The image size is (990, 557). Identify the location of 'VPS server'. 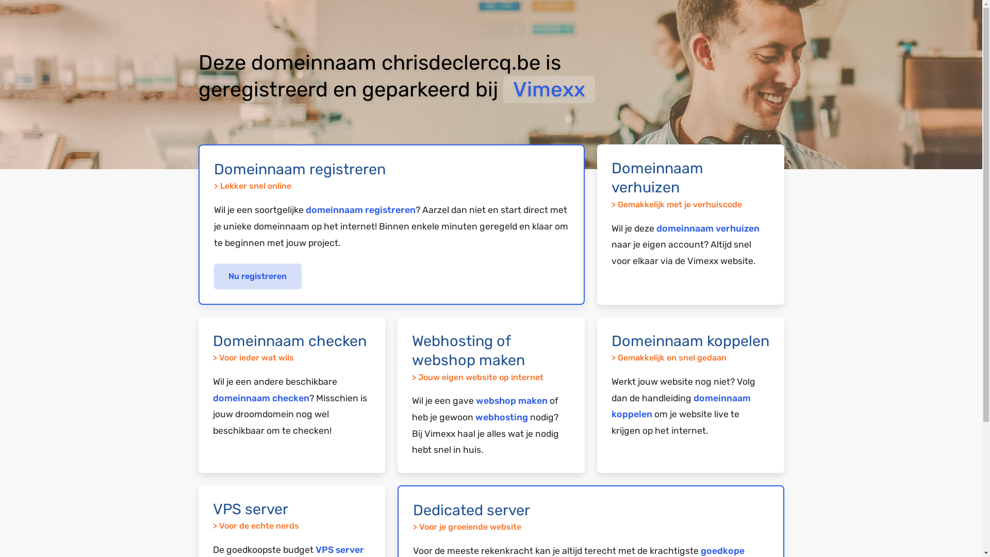
(339, 549).